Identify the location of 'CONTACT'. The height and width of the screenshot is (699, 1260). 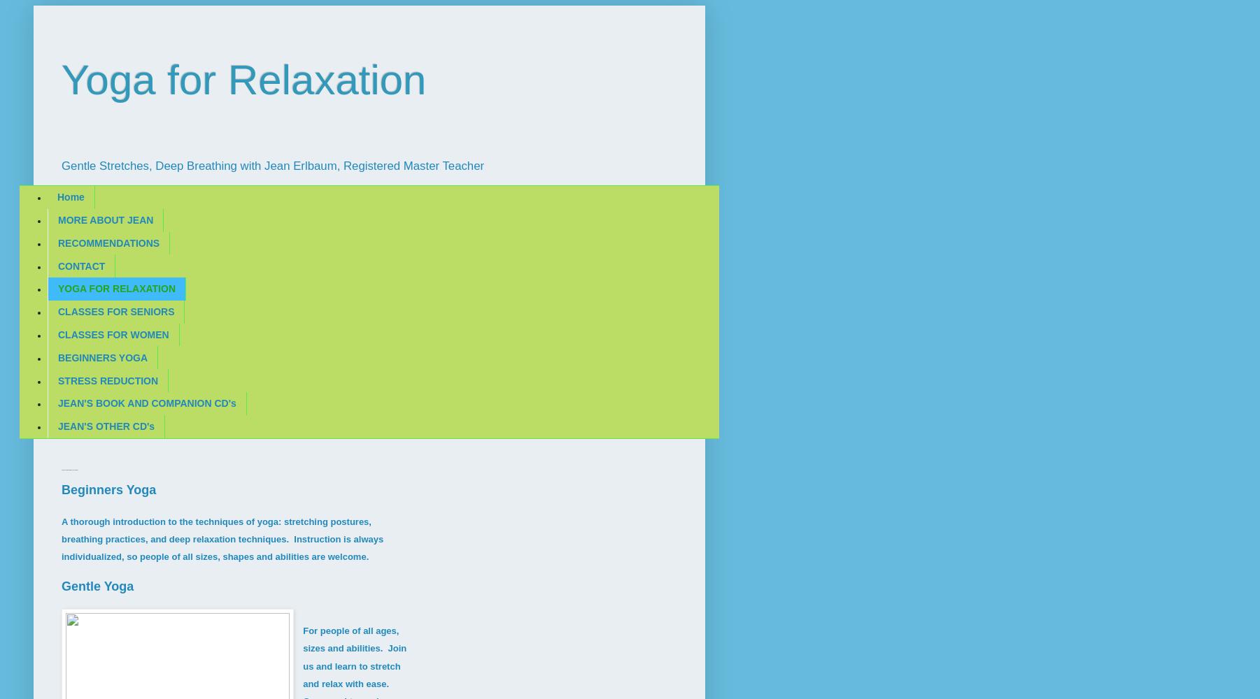
(57, 266).